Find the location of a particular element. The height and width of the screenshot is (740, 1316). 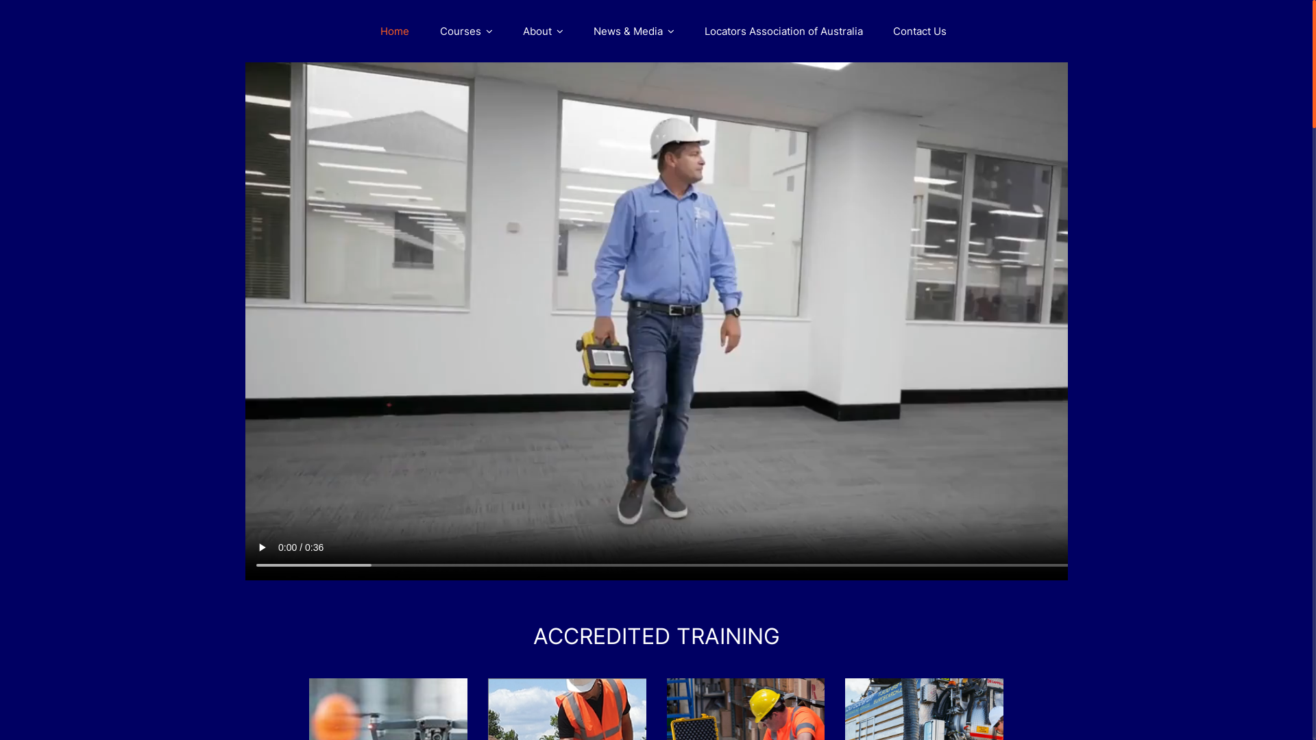

'About' is located at coordinates (541, 31).